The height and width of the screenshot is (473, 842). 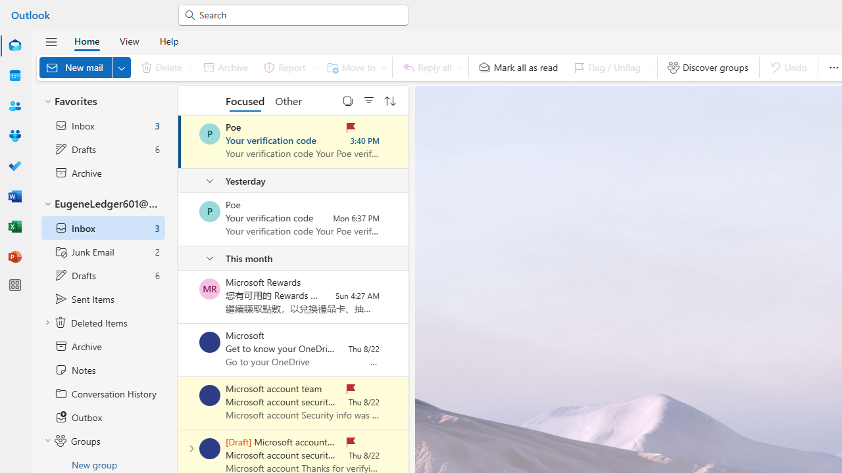 What do you see at coordinates (102, 393) in the screenshot?
I see `'Conversation History'` at bounding box center [102, 393].